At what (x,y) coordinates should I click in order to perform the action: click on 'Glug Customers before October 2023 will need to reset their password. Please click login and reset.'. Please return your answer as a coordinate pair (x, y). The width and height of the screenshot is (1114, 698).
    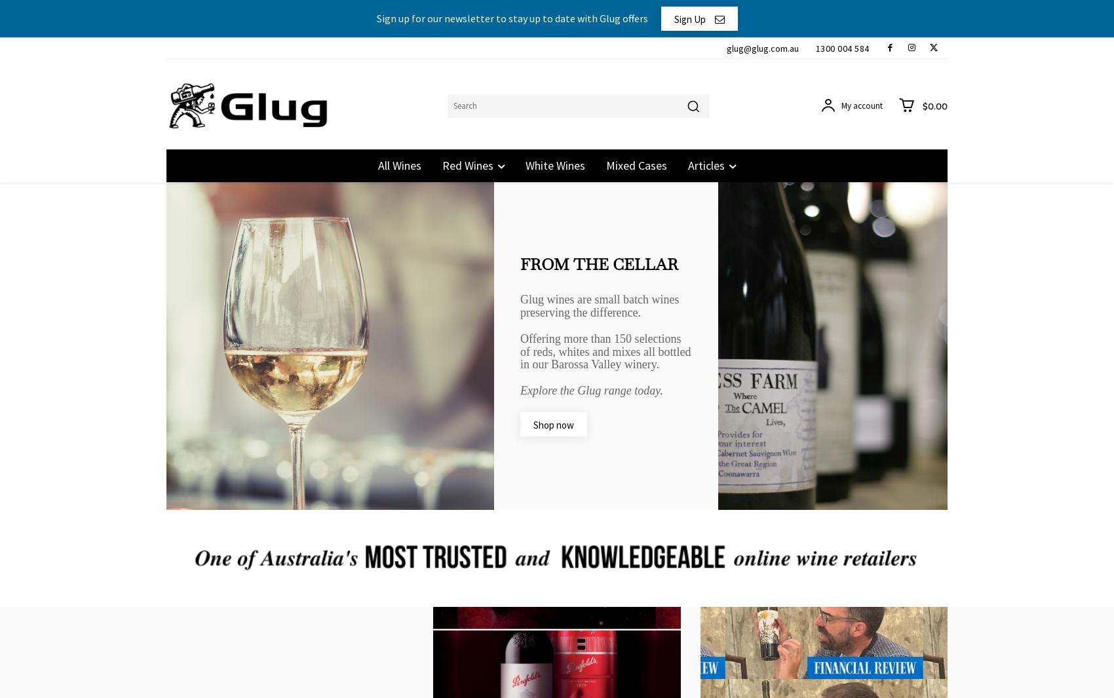
    Looking at the image, I should click on (885, 153).